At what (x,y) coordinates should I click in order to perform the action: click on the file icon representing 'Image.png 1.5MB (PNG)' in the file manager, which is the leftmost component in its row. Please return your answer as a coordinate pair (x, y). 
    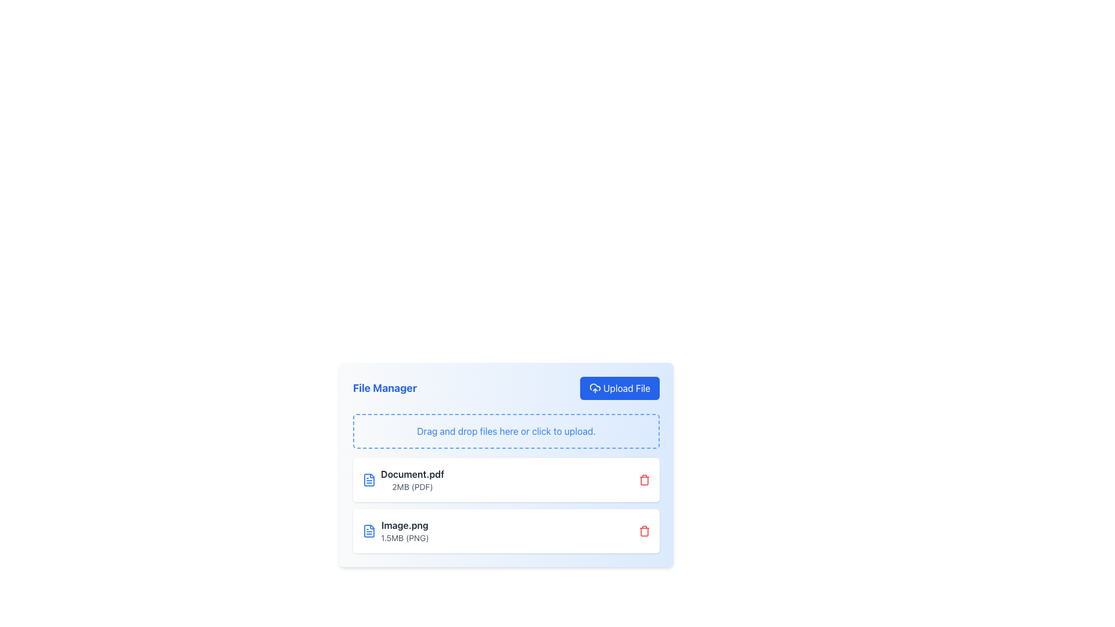
    Looking at the image, I should click on (368, 531).